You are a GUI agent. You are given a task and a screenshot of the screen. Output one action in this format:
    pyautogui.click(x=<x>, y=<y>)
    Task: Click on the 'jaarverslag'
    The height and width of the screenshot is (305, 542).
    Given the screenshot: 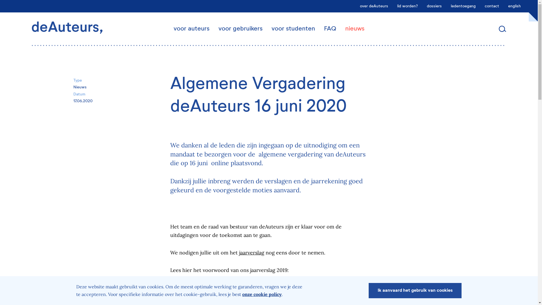 What is the action you would take?
    pyautogui.click(x=251, y=252)
    